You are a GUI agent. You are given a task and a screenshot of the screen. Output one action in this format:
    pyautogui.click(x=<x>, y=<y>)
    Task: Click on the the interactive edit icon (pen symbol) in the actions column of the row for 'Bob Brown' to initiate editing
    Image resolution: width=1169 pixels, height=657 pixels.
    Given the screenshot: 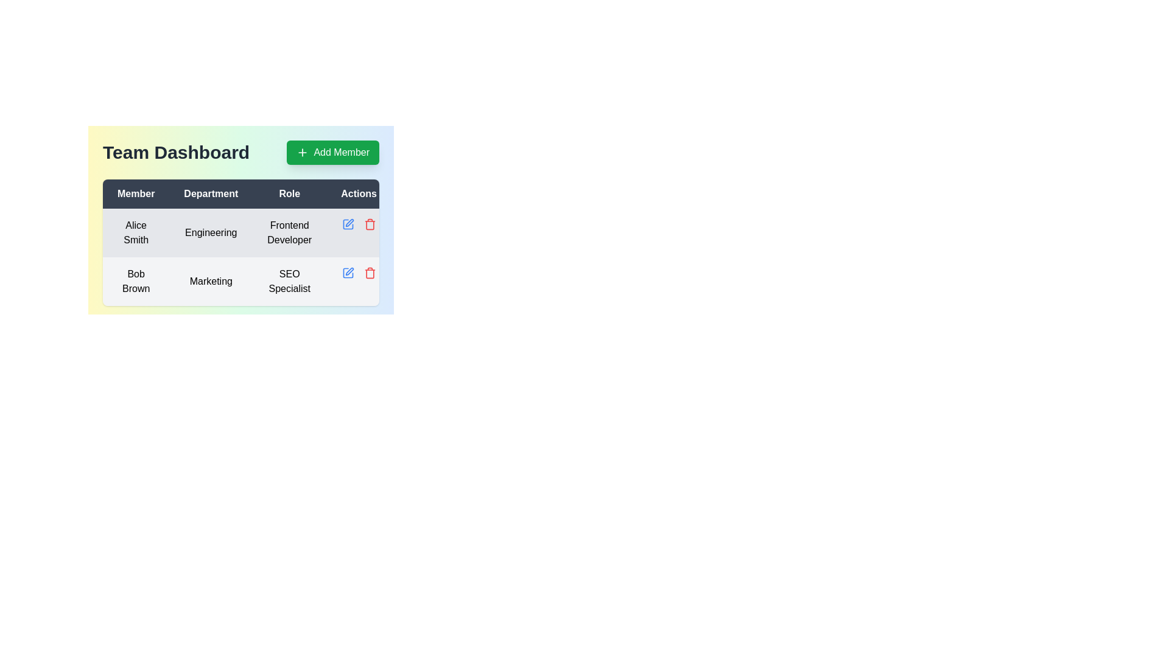 What is the action you would take?
    pyautogui.click(x=349, y=223)
    